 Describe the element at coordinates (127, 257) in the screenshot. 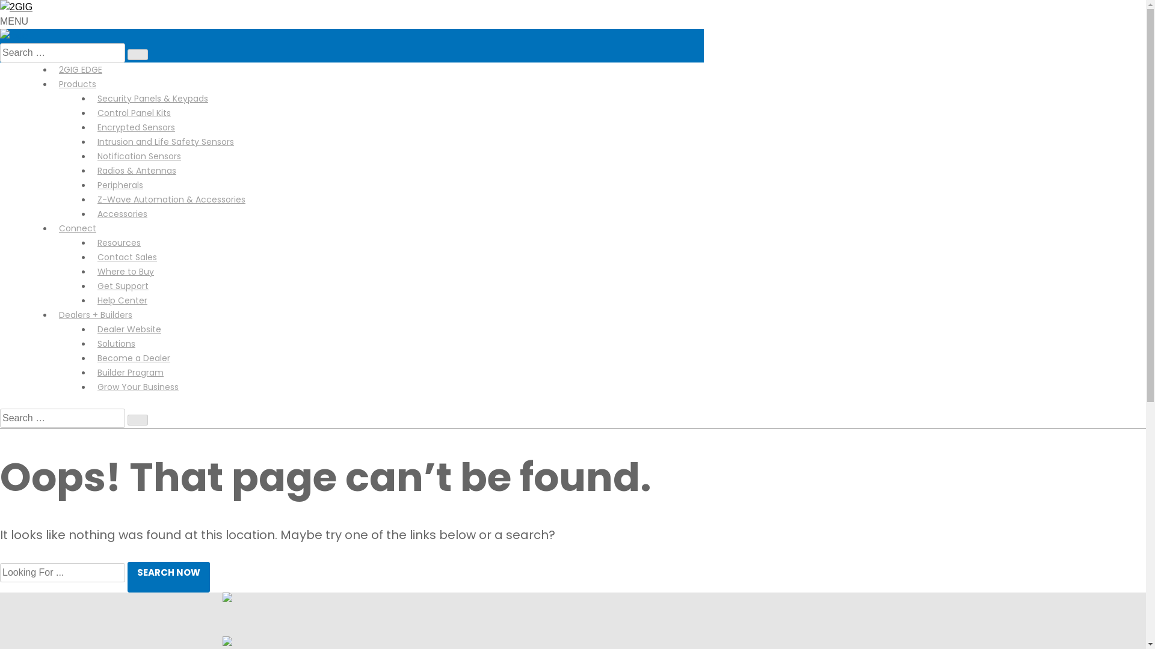

I see `'Contact Sales'` at that location.